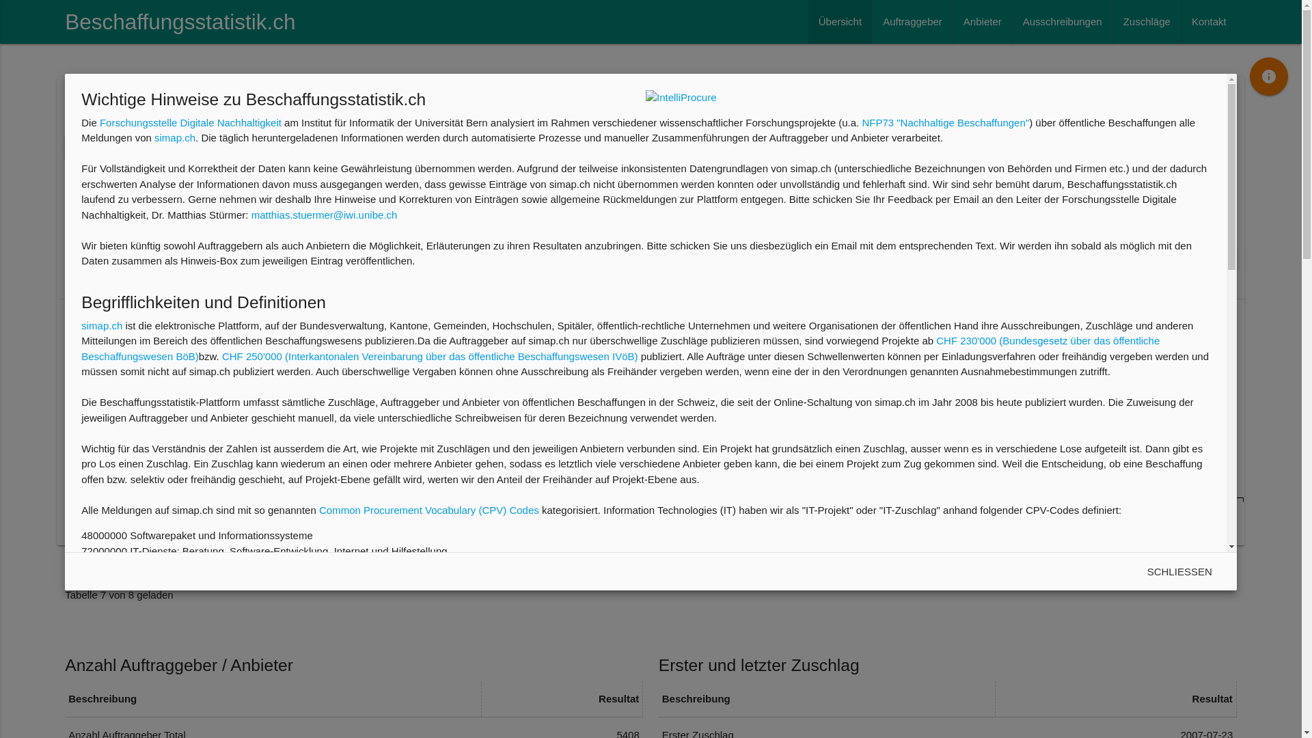 The width and height of the screenshot is (1312, 738). What do you see at coordinates (174, 137) in the screenshot?
I see `'simap.ch'` at bounding box center [174, 137].